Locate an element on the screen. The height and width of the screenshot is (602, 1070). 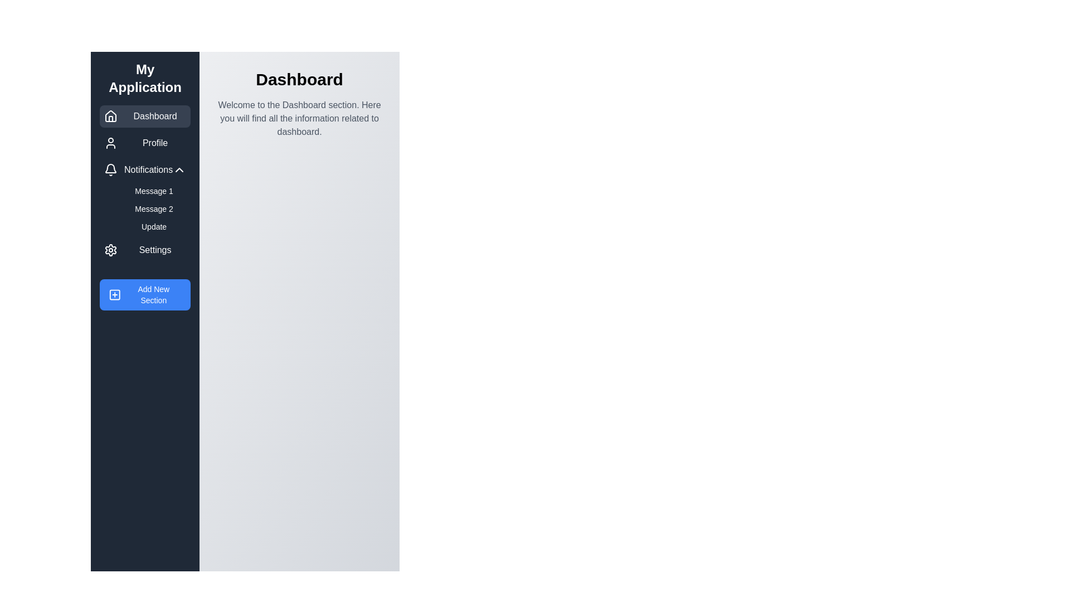
the 'Dashboard' text label in the sidebar menu, which is the first item below the 'My Application' section header is located at coordinates (154, 116).